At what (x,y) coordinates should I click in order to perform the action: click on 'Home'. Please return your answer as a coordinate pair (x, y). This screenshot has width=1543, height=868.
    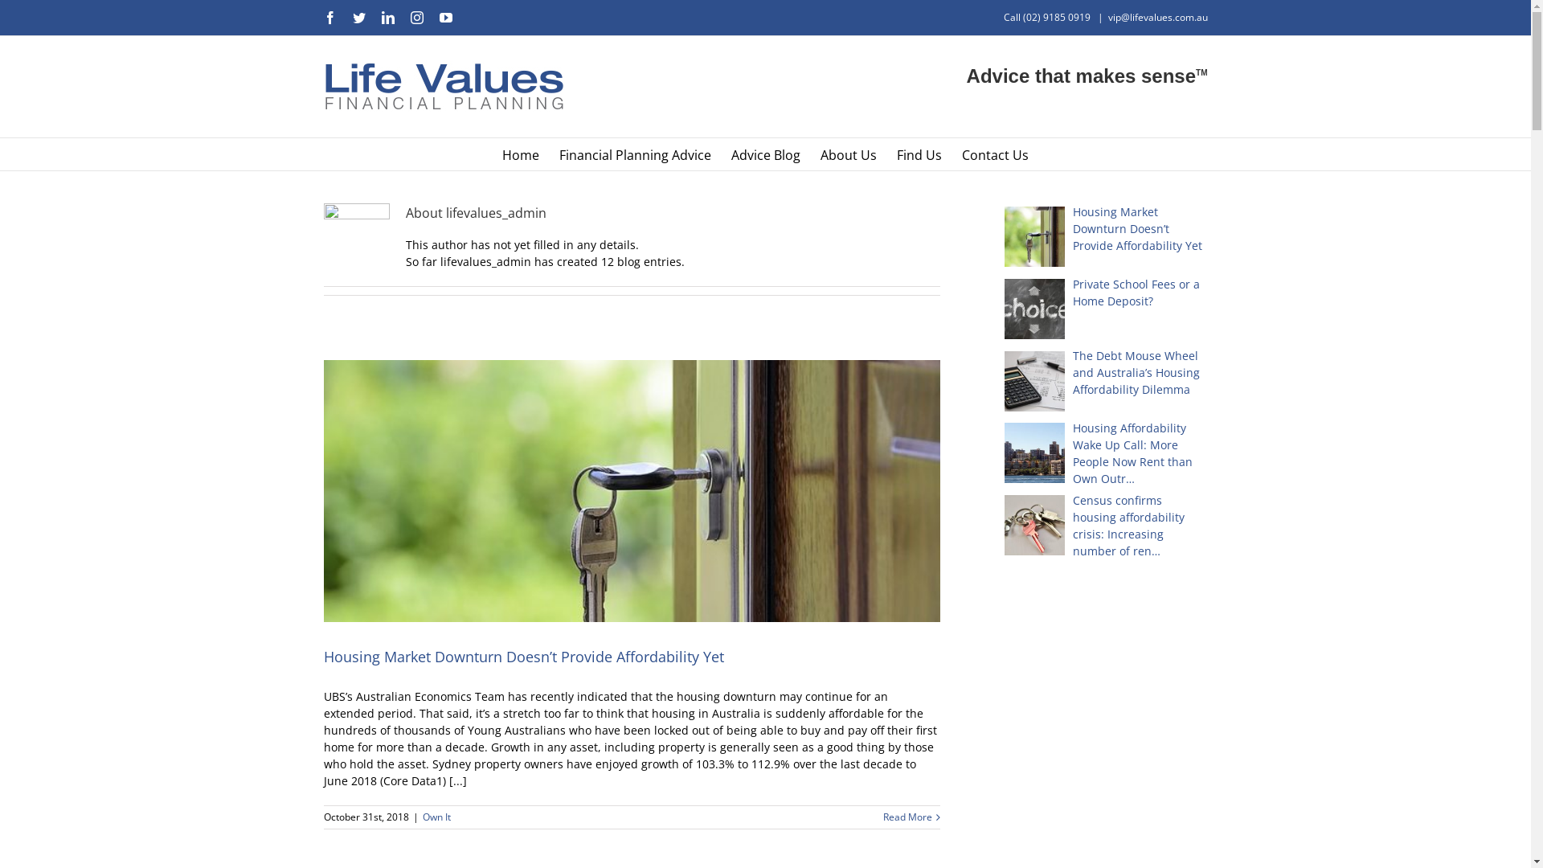
    Looking at the image, I should click on (521, 154).